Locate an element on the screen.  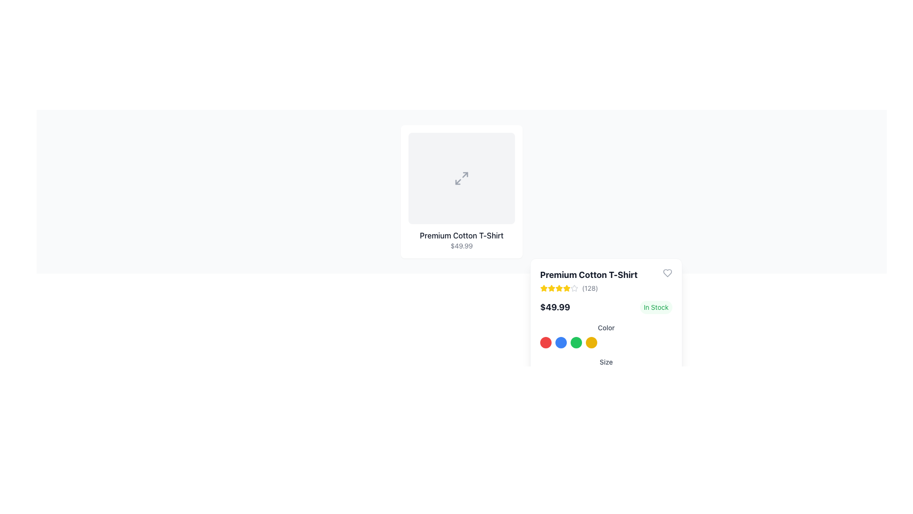
the 'In Stock' indicator badge, which is a small rectangular badge with green text on a light green background, located to the right of the price text ('$49.99') on the Premium Cotton T-Shirt card is located at coordinates (655, 307).